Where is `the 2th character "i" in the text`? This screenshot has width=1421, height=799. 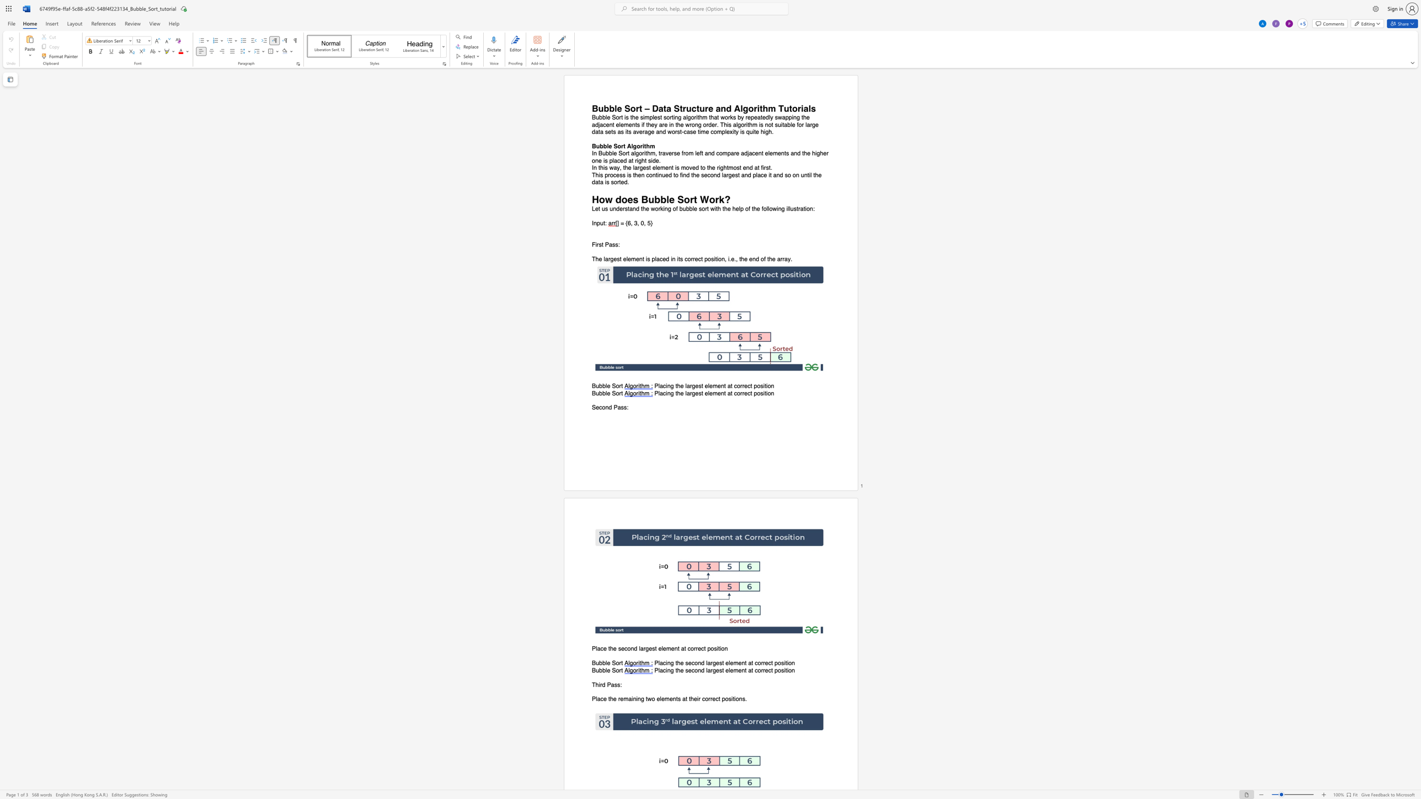
the 2th character "i" in the text is located at coordinates (720, 649).